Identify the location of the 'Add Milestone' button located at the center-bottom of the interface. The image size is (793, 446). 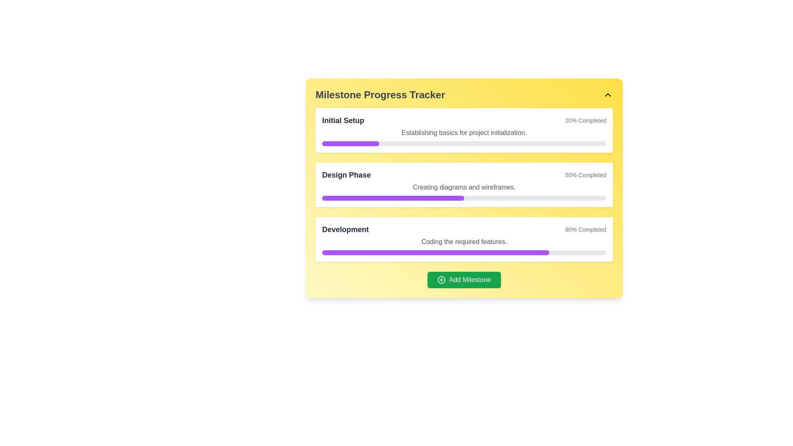
(464, 280).